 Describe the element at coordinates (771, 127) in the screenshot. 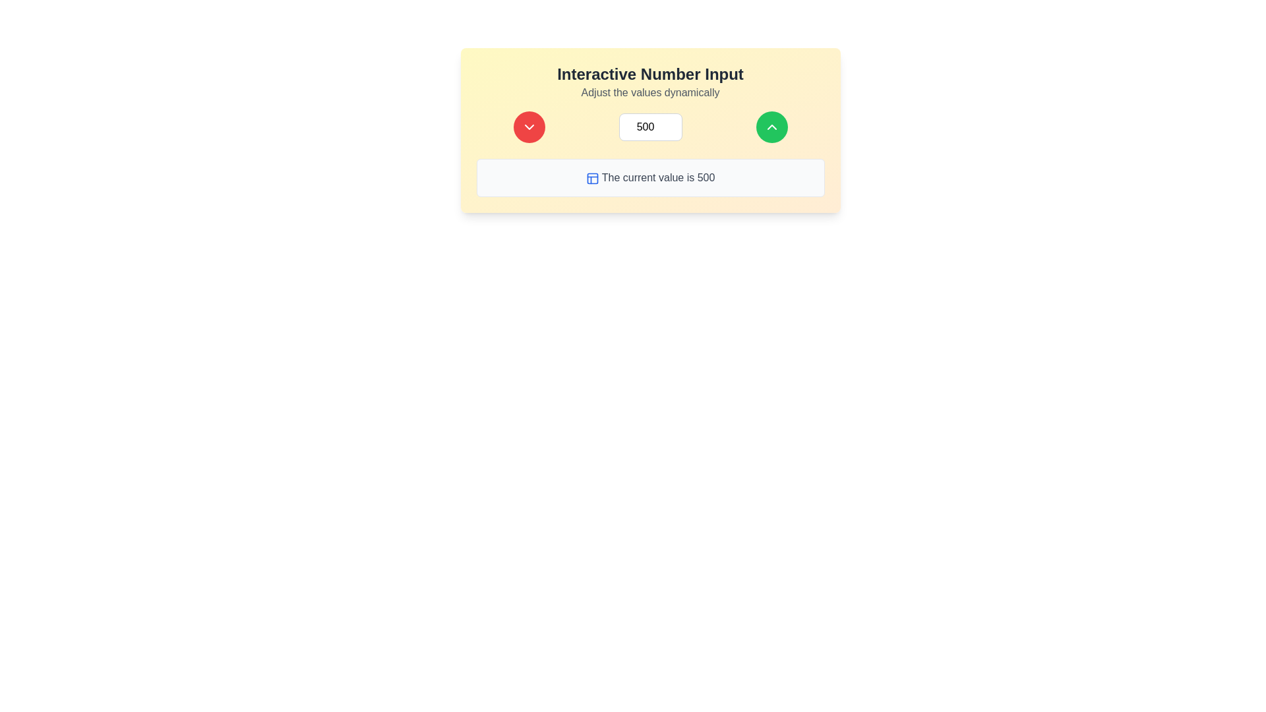

I see `the upward-pointing chevron icon button with a green circular background` at that location.